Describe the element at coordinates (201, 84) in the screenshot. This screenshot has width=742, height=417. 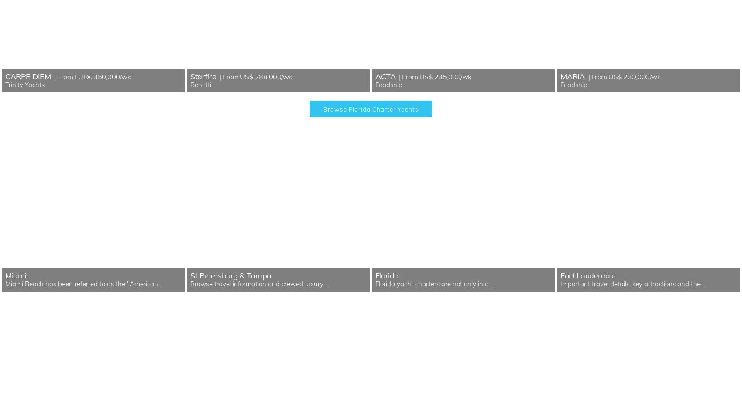
I see `'Benetti'` at that location.